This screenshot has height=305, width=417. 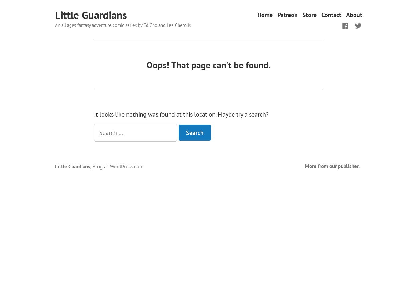 What do you see at coordinates (209, 64) in the screenshot?
I see `'Oops! That page can’t be found.'` at bounding box center [209, 64].